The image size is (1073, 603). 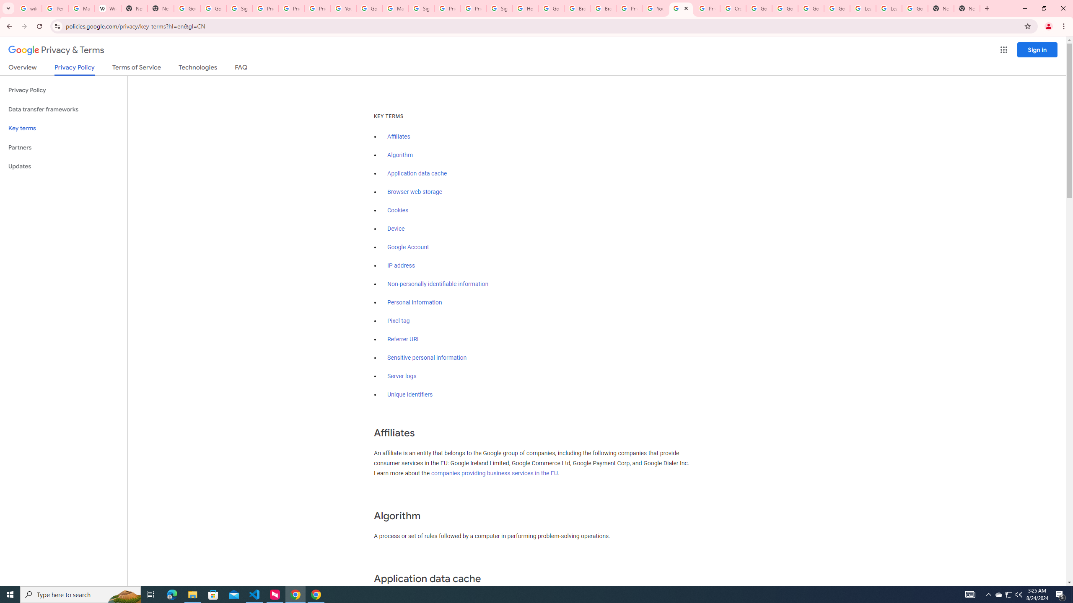 What do you see at coordinates (399, 155) in the screenshot?
I see `'Algorithm'` at bounding box center [399, 155].